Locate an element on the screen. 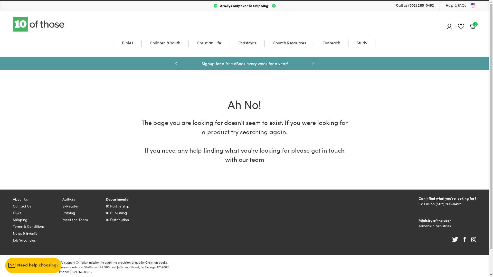 Image resolution: width=493 pixels, height=277 pixels. 'Favourites' is located at coordinates (461, 27).